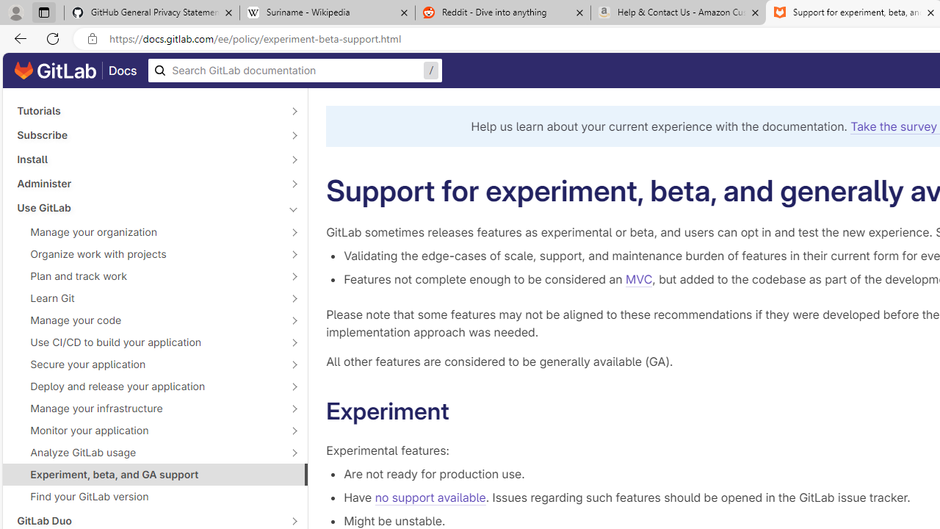 Image resolution: width=940 pixels, height=529 pixels. I want to click on 'Suriname - Wikipedia', so click(326, 12).